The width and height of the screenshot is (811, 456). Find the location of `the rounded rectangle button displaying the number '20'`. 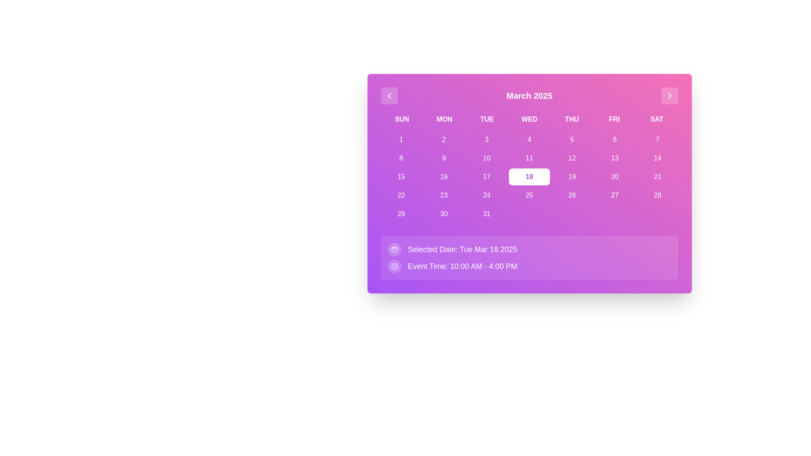

the rounded rectangle button displaying the number '20' is located at coordinates (615, 176).